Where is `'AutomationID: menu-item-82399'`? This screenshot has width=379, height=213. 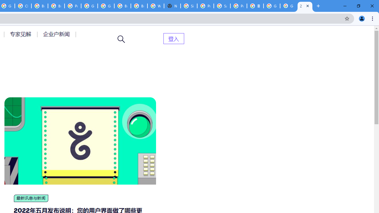 'AutomationID: menu-item-82399' is located at coordinates (173, 38).